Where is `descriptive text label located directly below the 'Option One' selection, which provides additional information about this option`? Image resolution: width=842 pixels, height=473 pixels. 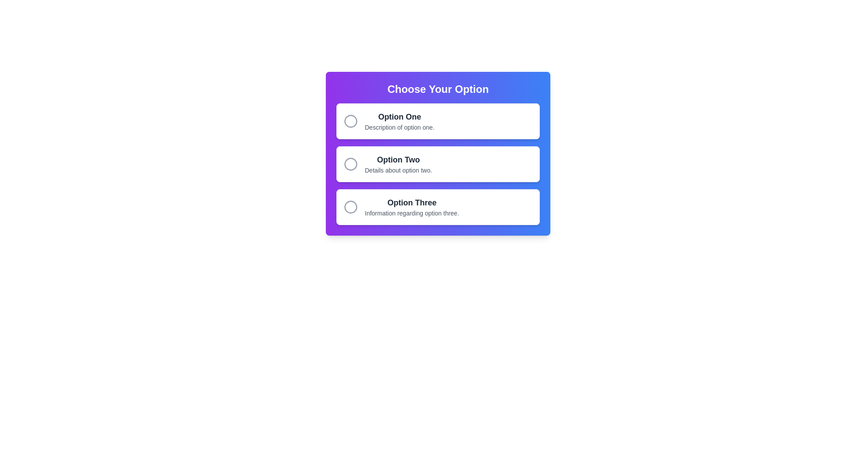
descriptive text label located directly below the 'Option One' selection, which provides additional information about this option is located at coordinates (399, 127).